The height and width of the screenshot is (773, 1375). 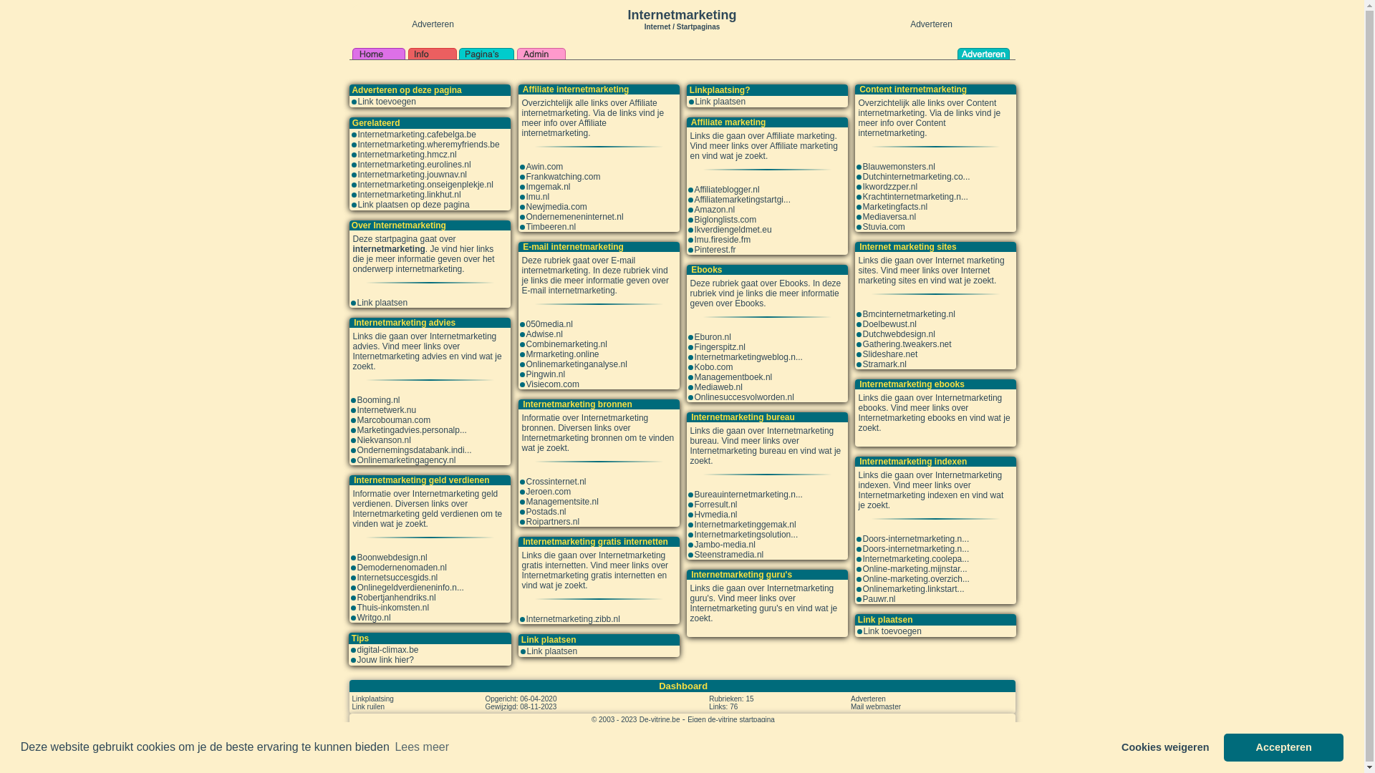 What do you see at coordinates (562, 175) in the screenshot?
I see `'Frankwatching.com'` at bounding box center [562, 175].